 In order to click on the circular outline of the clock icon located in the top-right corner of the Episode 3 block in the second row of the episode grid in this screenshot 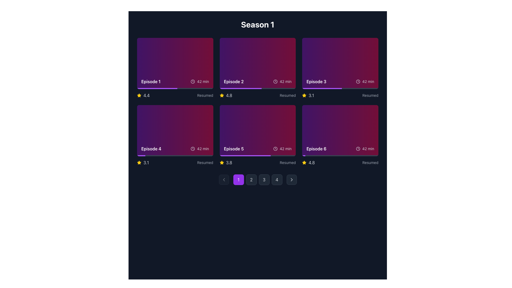, I will do `click(358, 81)`.